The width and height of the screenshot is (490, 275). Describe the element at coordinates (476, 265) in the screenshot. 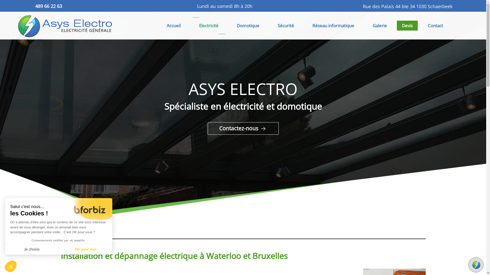

I see `'To Top'` at that location.